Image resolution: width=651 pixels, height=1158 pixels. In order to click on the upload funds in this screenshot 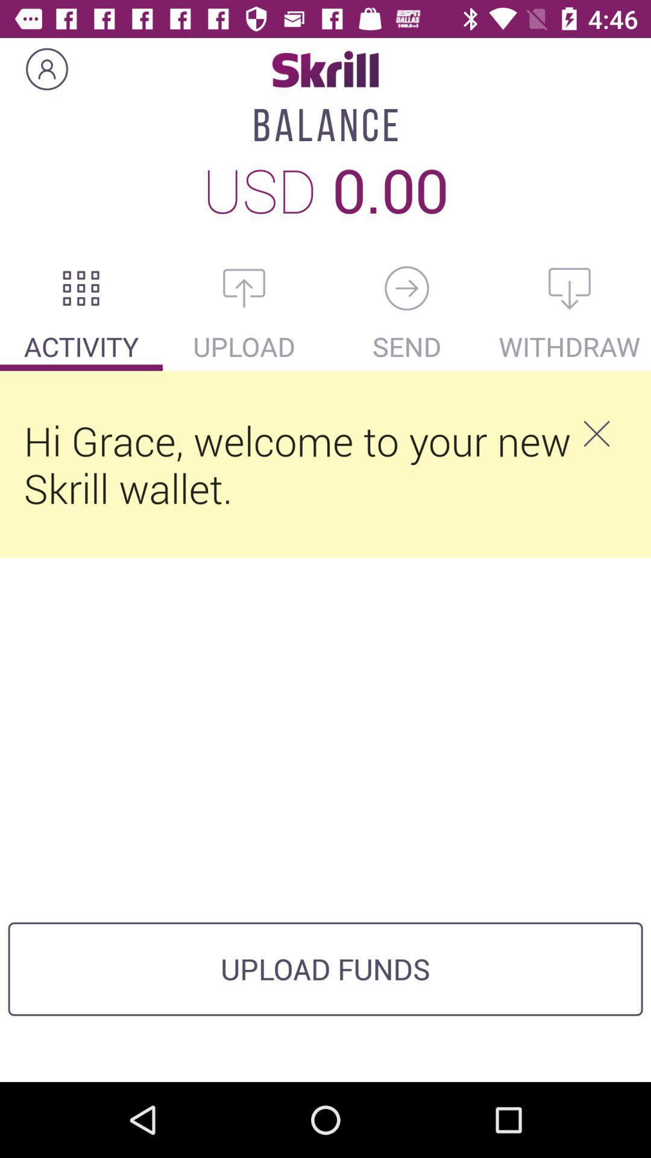, I will do `click(325, 969)`.